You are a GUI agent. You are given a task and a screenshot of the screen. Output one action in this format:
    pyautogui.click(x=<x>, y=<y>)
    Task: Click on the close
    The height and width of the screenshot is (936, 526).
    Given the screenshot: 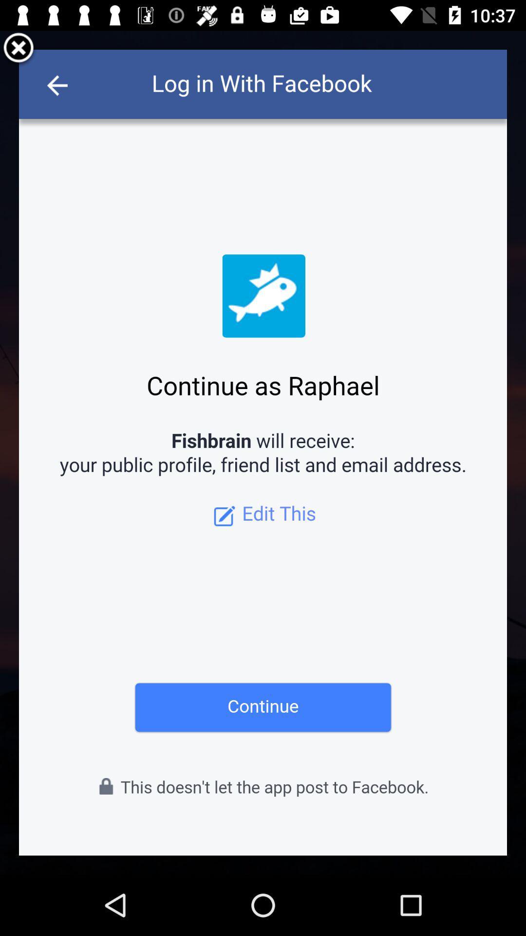 What is the action you would take?
    pyautogui.click(x=19, y=49)
    